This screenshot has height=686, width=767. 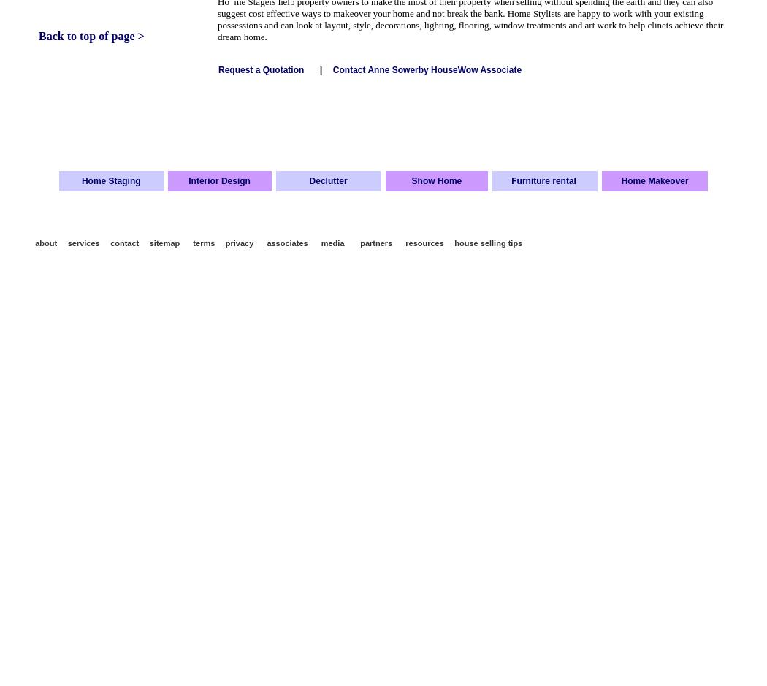 What do you see at coordinates (427, 69) in the screenshot?
I see `'Contact
              Anne Sowerby HouseWow Associate'` at bounding box center [427, 69].